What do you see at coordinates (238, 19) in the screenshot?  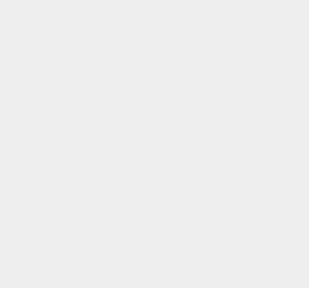 I see `'Windows Media Center'` at bounding box center [238, 19].